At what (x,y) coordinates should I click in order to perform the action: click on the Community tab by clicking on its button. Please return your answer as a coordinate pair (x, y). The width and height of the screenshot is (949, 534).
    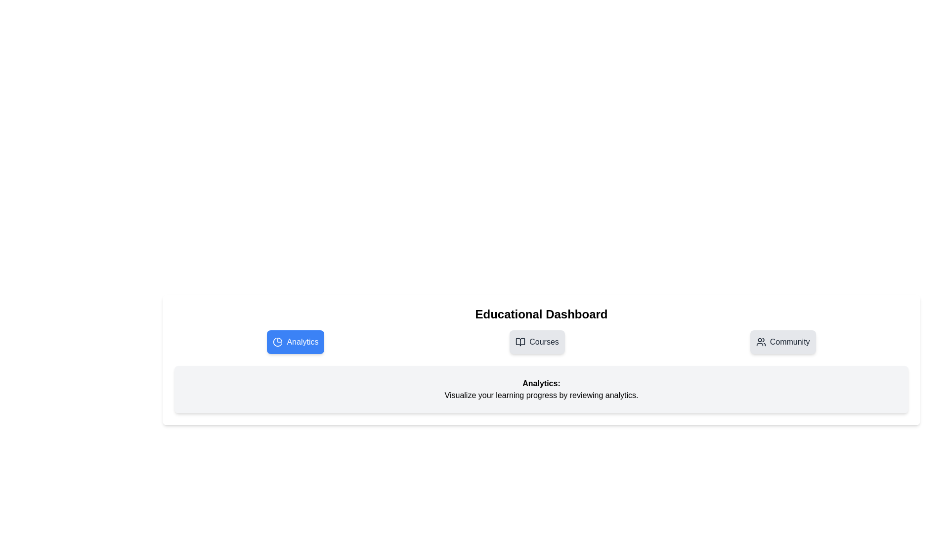
    Looking at the image, I should click on (782, 341).